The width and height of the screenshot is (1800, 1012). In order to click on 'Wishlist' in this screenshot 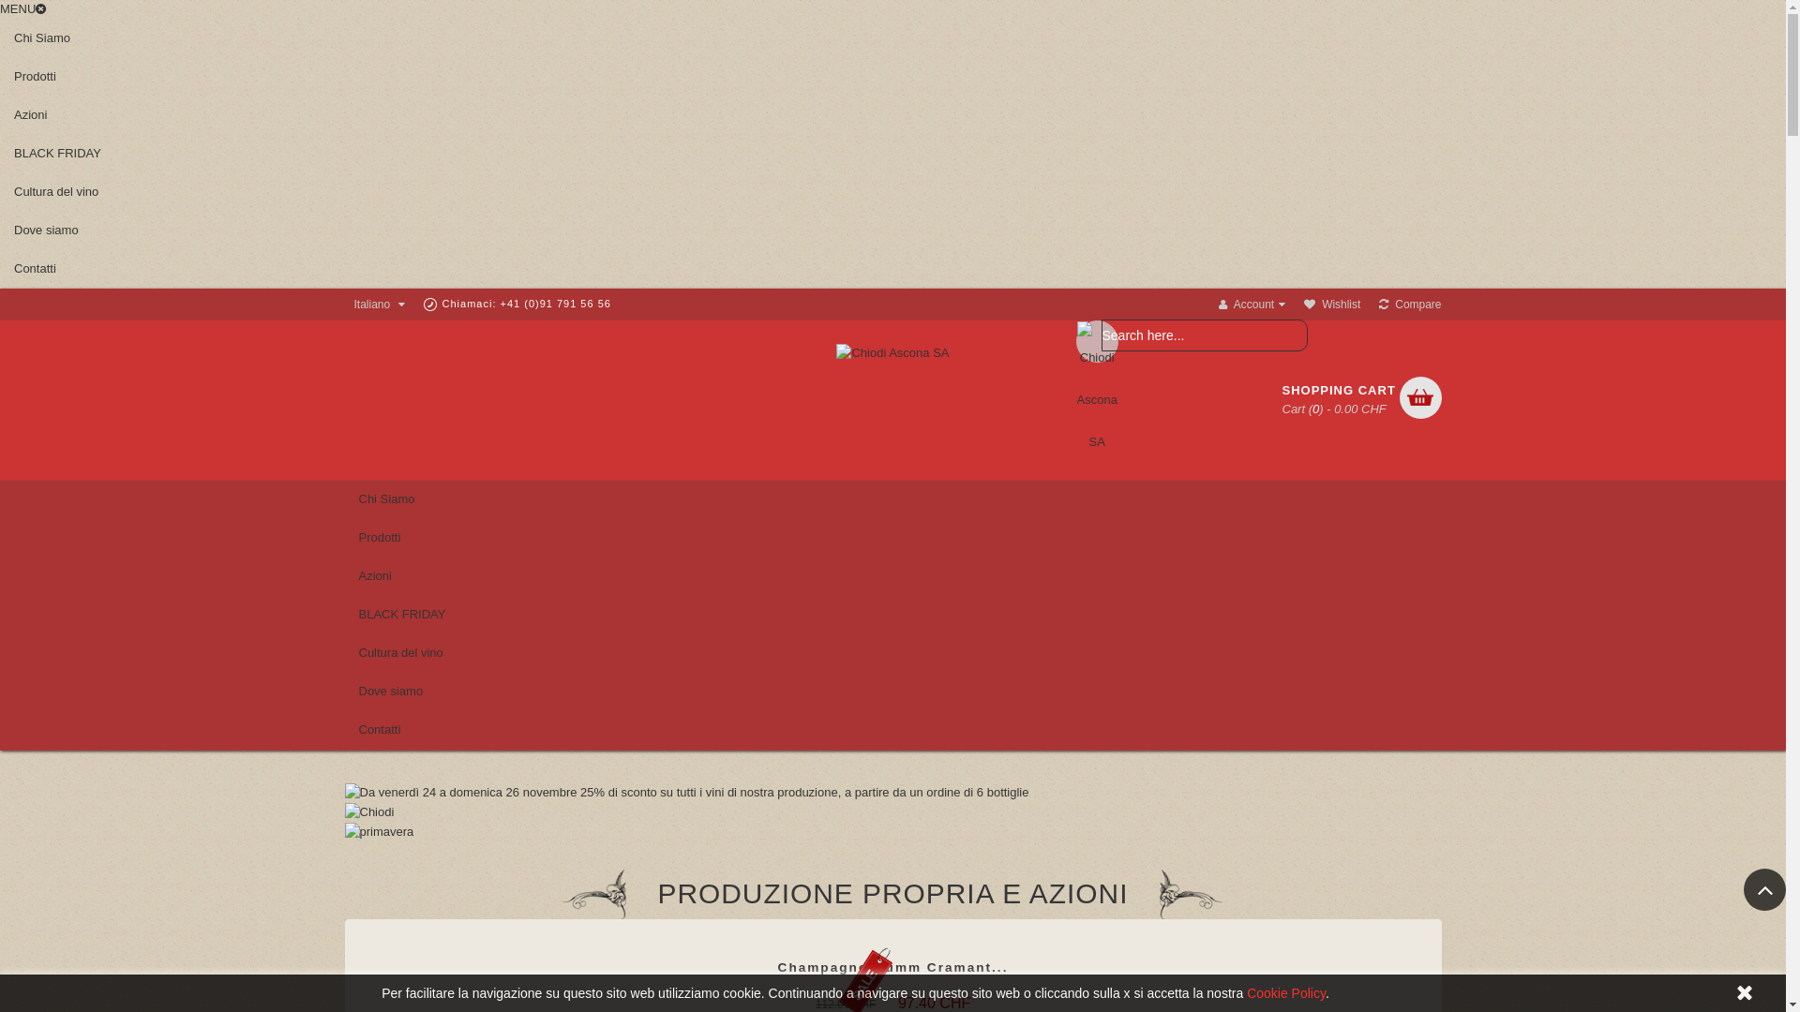, I will do `click(1330, 303)`.